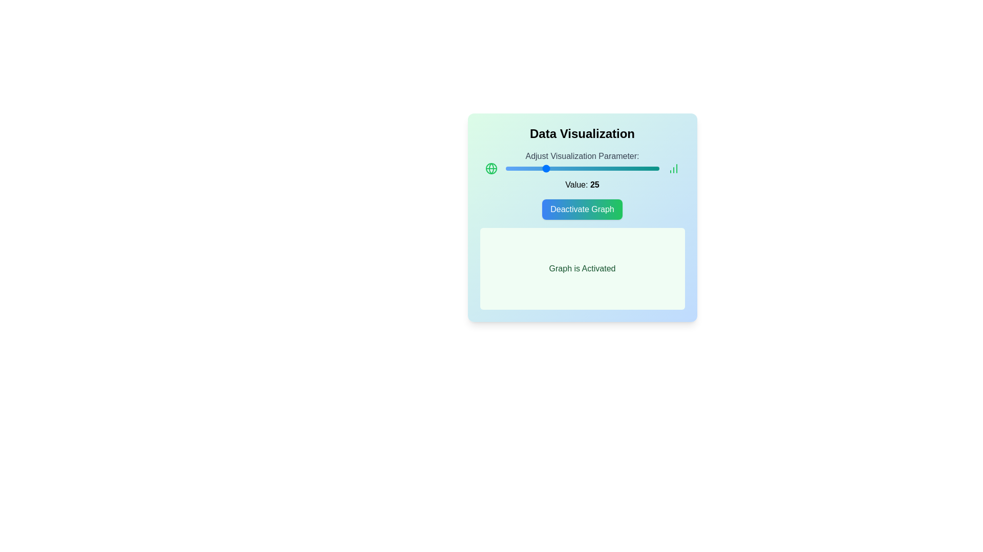 The width and height of the screenshot is (983, 552). I want to click on the visualization parameter to 60 by adjusting the slider, so click(597, 168).